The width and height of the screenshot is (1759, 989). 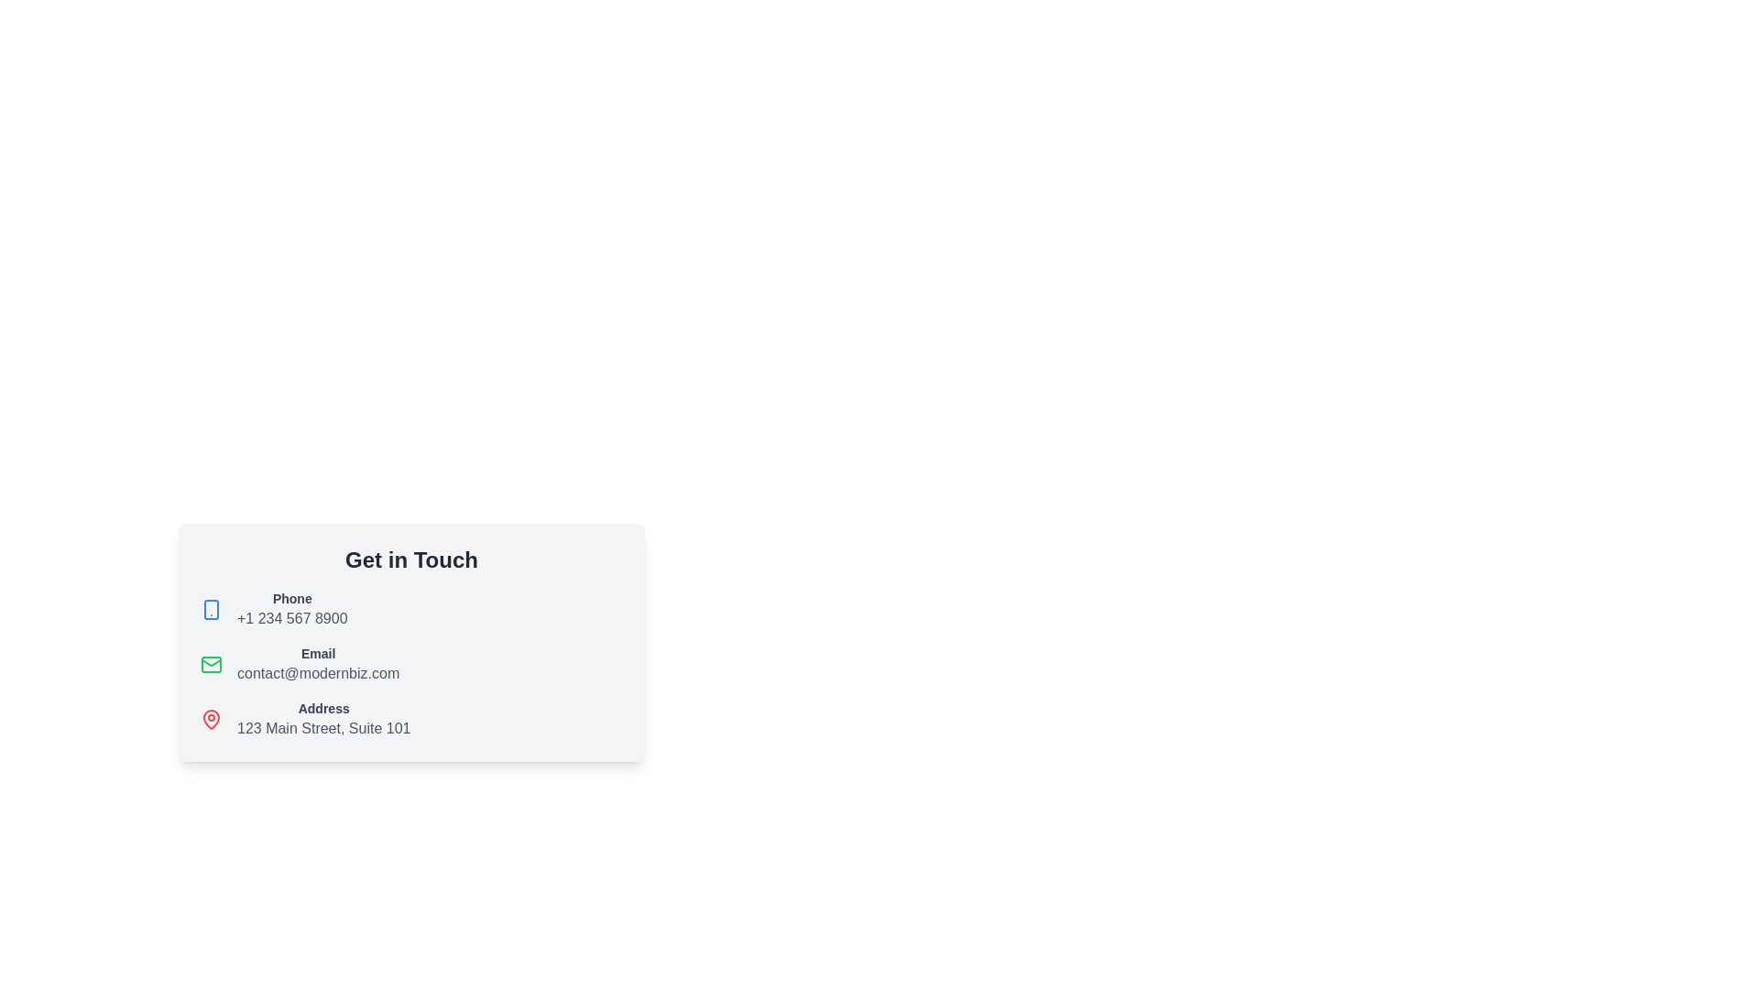 What do you see at coordinates (211, 610) in the screenshot?
I see `the smartphone icon outlined in blue, located to the left of the text 'Phone' in the 'Get in Touch' section` at bounding box center [211, 610].